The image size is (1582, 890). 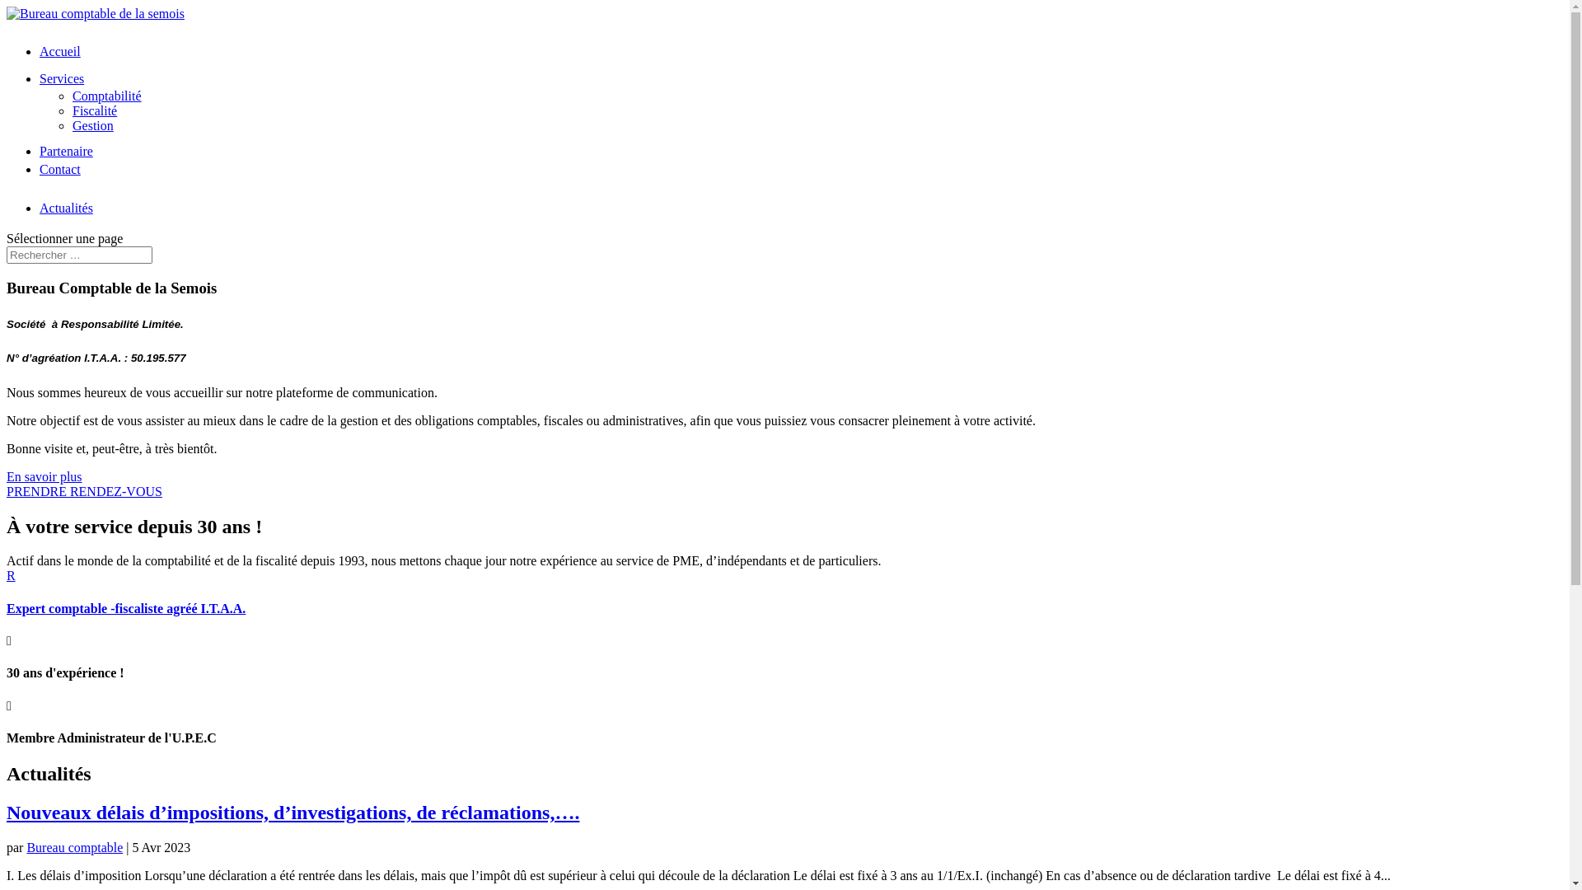 I want to click on 'Gestion', so click(x=92, y=124).